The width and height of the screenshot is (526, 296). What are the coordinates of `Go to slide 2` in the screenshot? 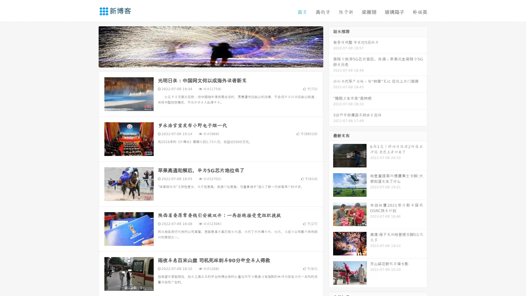 It's located at (210, 62).